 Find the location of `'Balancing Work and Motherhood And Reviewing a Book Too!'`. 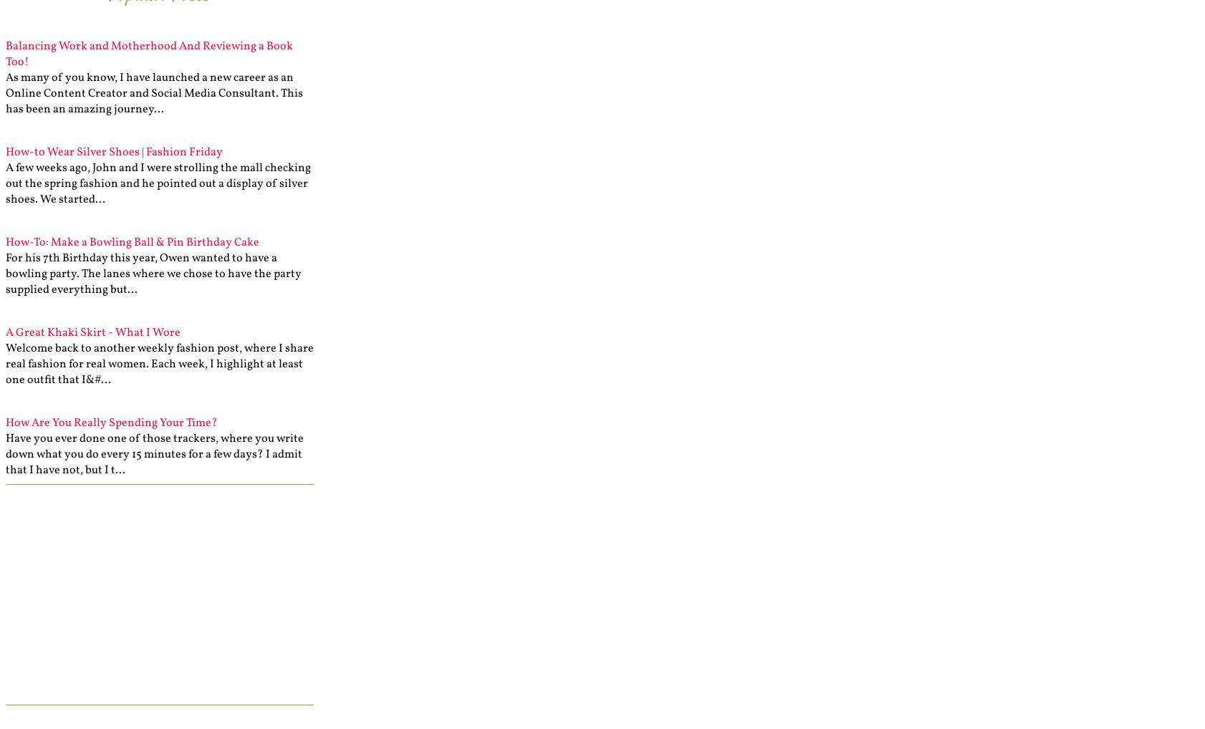

'Balancing Work and Motherhood And Reviewing a Book Too!' is located at coordinates (148, 54).